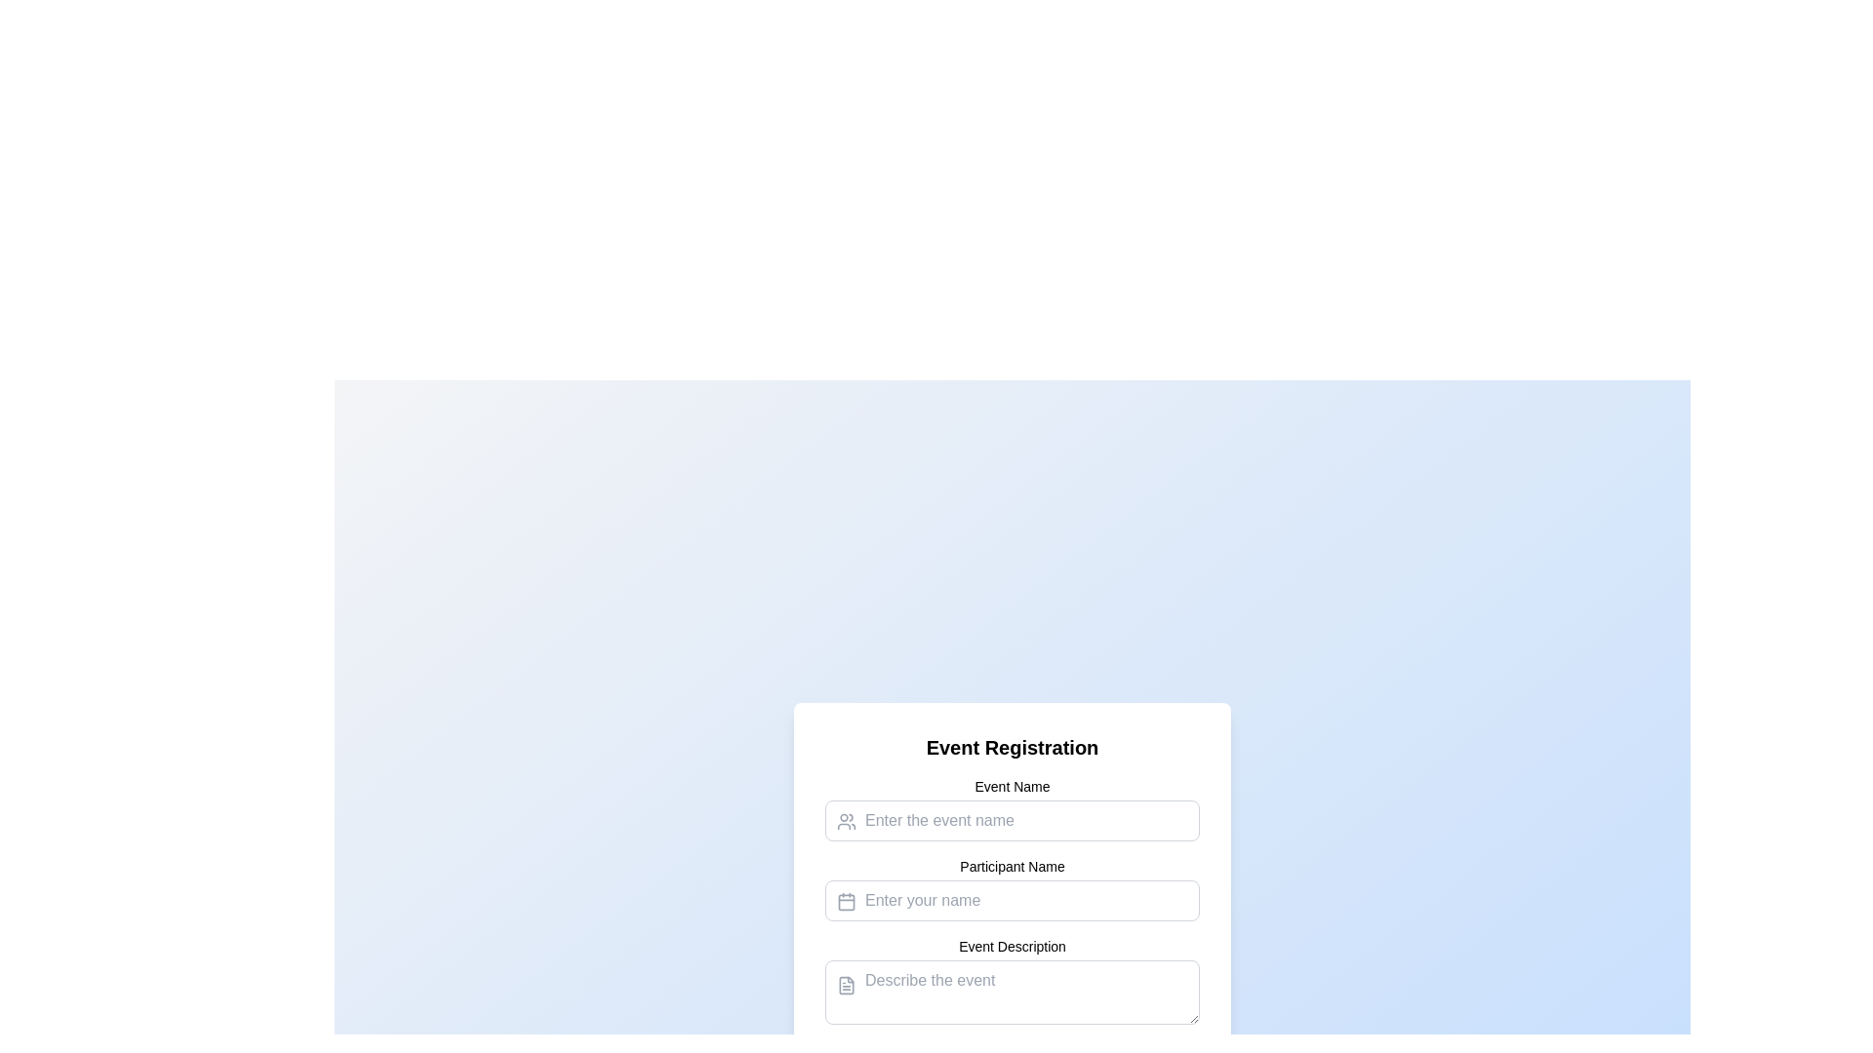 The height and width of the screenshot is (1053, 1873). Describe the element at coordinates (1012, 946) in the screenshot. I see `the text label reading 'Event Description', which is styled as a bold descriptor for the event description input field located above the input field with the placeholder 'Describe the event'` at that location.